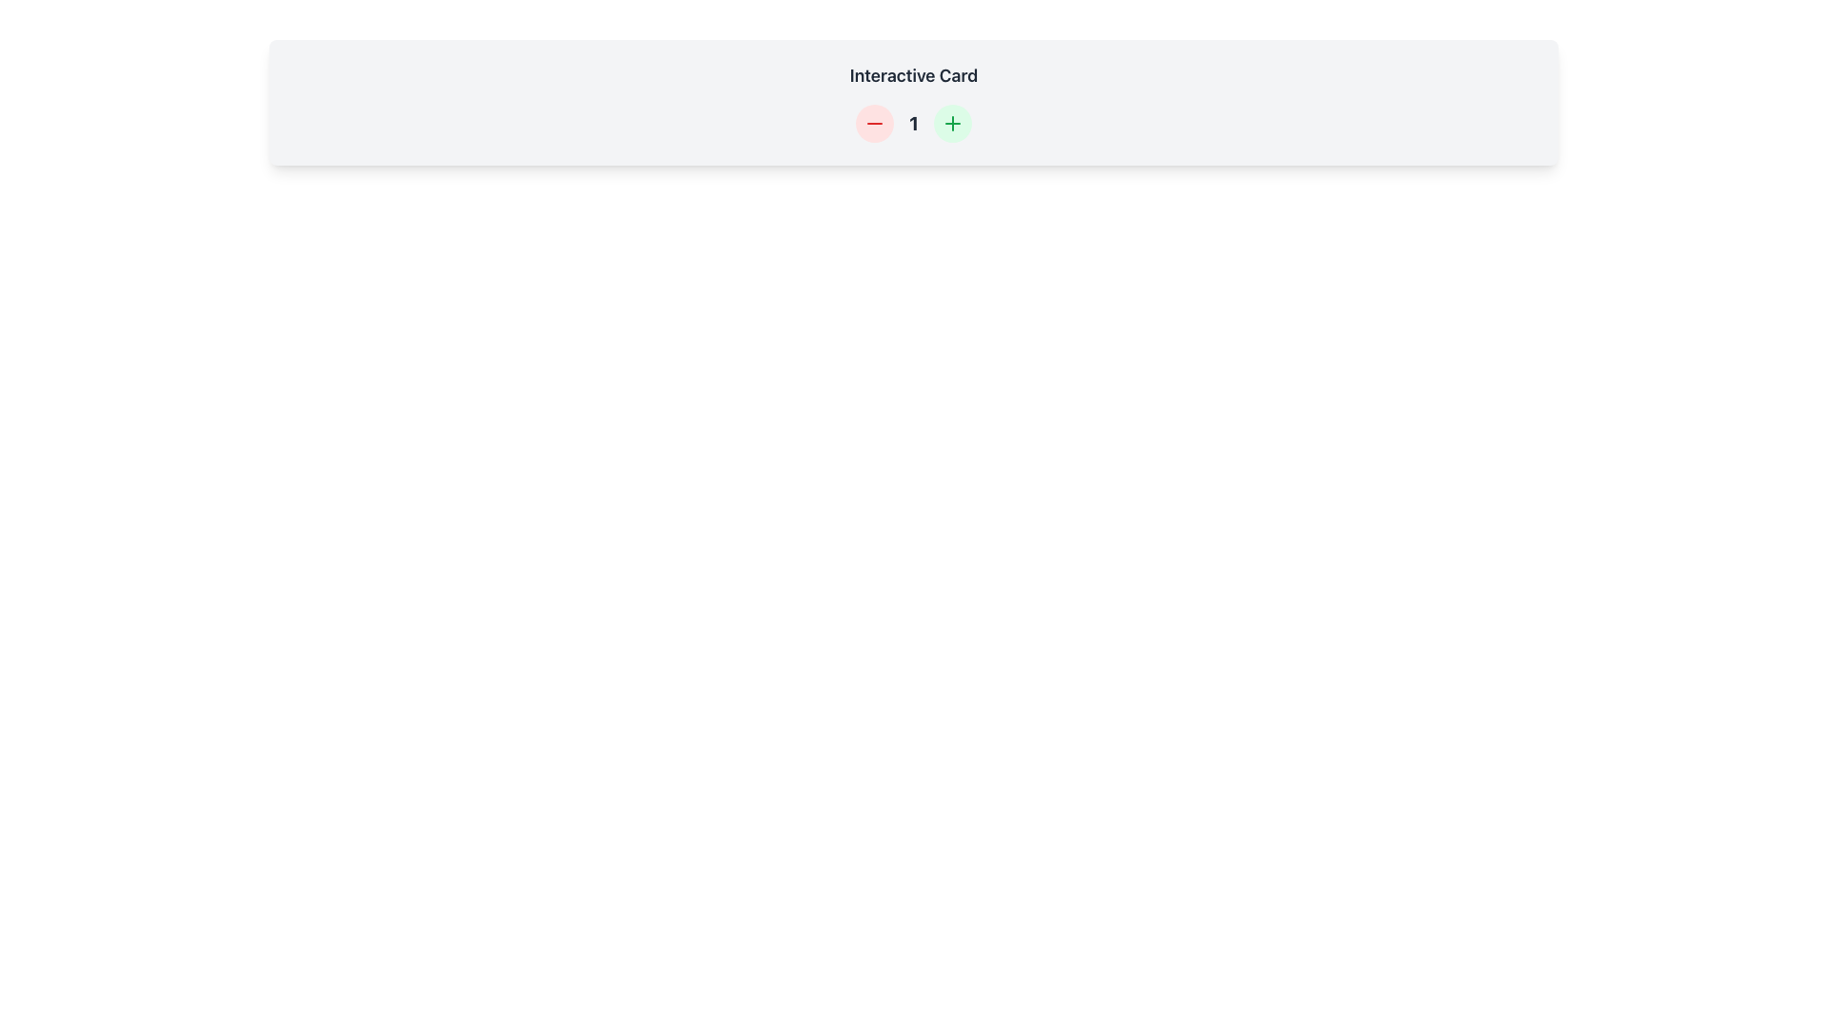 This screenshot has height=1028, width=1828. I want to click on the rounded light green button with a green plus icon, so click(952, 124).